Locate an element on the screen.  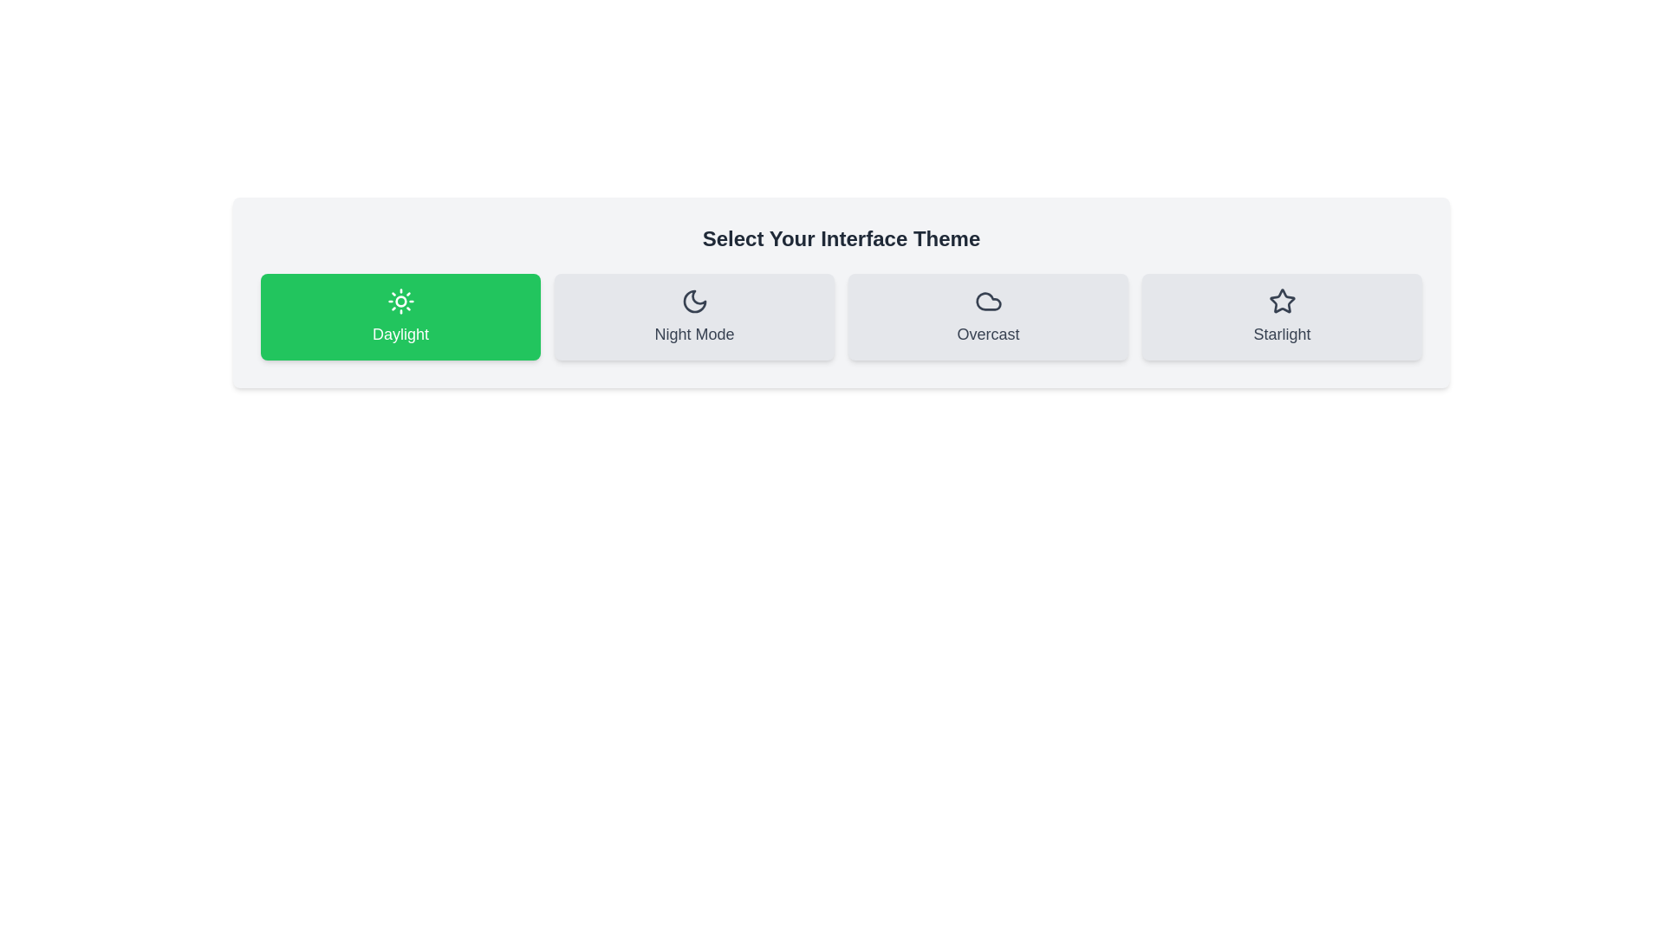
the theme by clicking on the Night Mode button is located at coordinates (694, 317).